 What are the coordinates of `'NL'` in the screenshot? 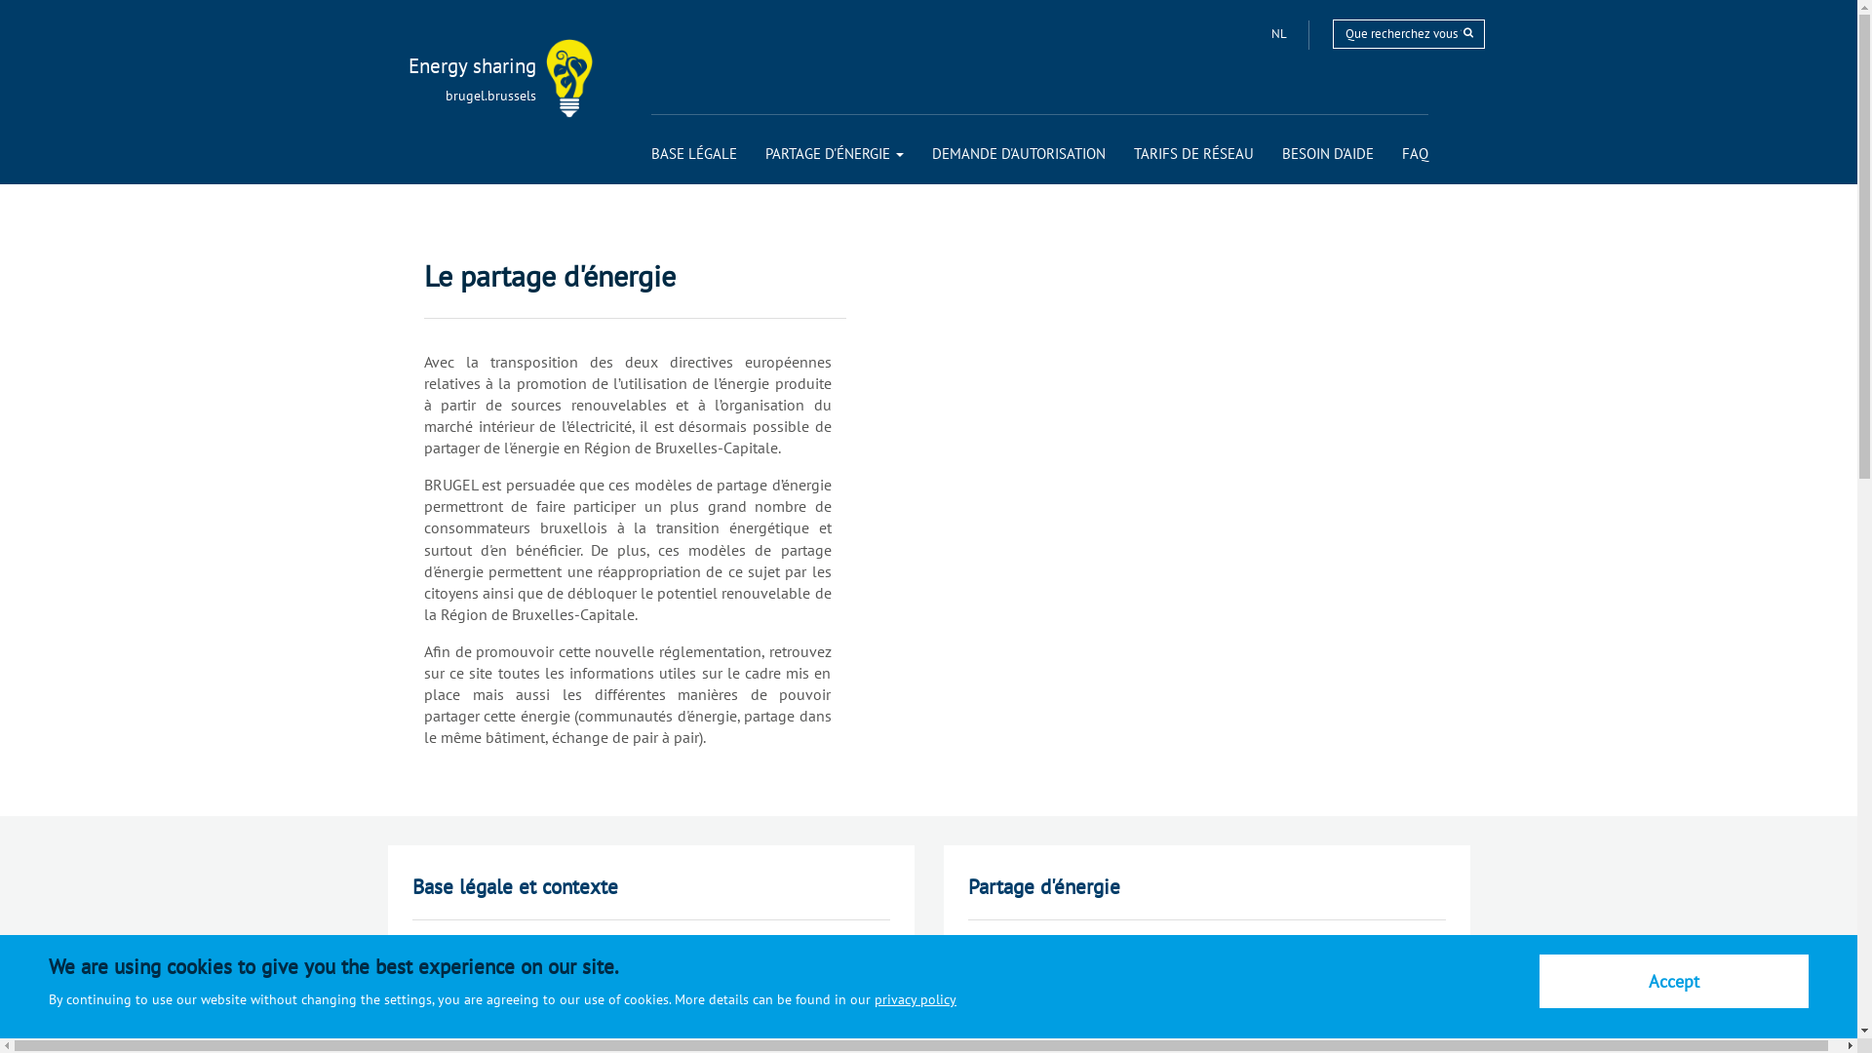 It's located at (1280, 33).